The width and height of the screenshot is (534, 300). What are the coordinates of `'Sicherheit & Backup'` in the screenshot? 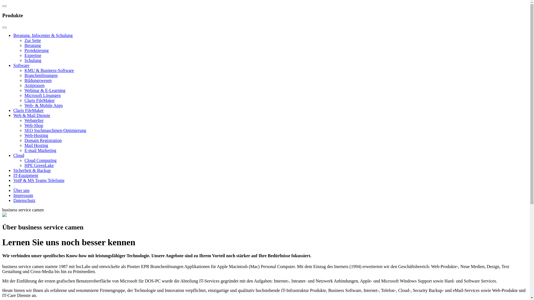 It's located at (32, 170).